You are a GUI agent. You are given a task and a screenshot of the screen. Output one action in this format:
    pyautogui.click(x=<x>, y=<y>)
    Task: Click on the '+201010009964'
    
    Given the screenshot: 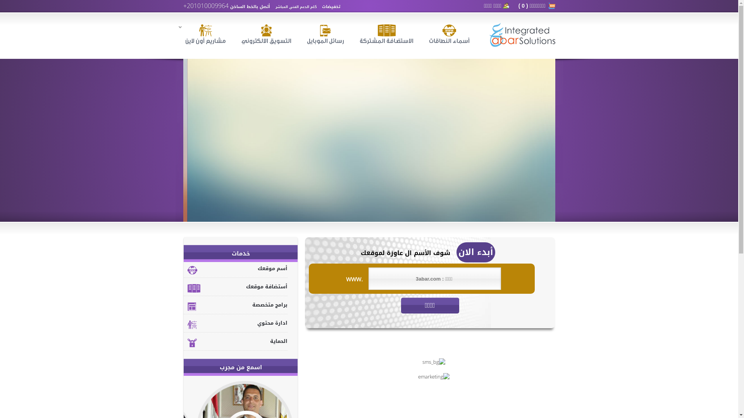 What is the action you would take?
    pyautogui.click(x=182, y=7)
    